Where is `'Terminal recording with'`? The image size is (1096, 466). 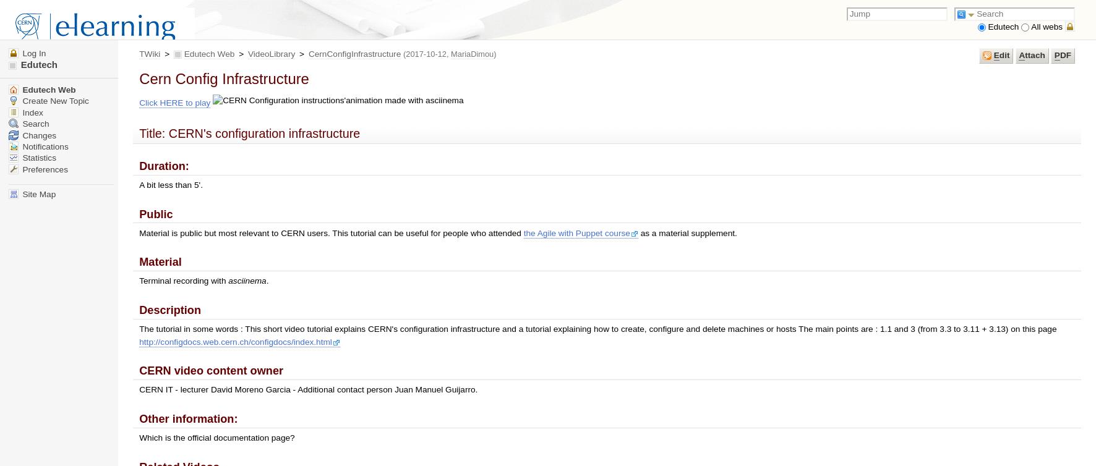
'Terminal recording with' is located at coordinates (182, 281).